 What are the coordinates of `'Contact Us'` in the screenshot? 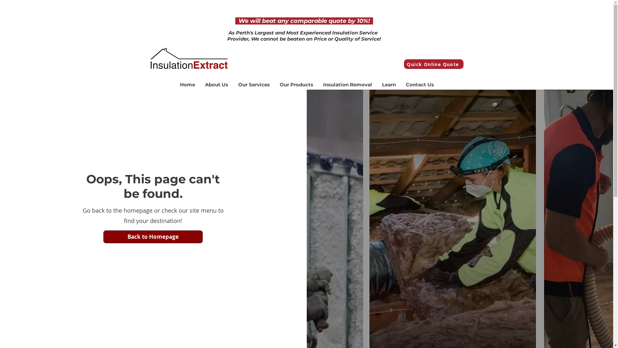 It's located at (419, 84).